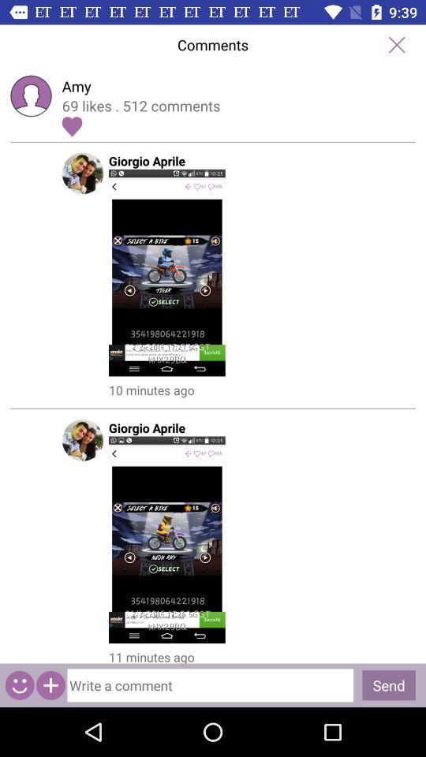 Image resolution: width=426 pixels, height=757 pixels. What do you see at coordinates (212, 273) in the screenshot?
I see `post` at bounding box center [212, 273].